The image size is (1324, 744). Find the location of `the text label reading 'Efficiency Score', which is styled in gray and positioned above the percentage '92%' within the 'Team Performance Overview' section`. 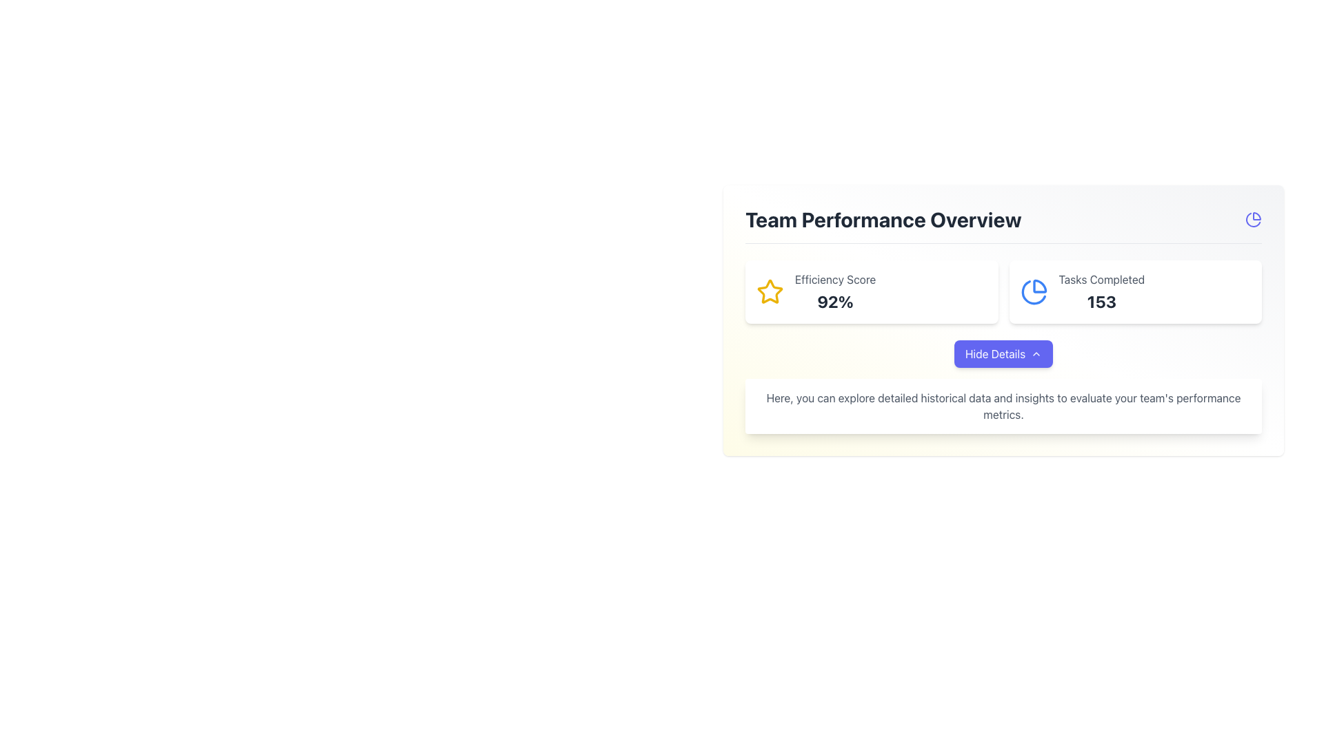

the text label reading 'Efficiency Score', which is styled in gray and positioned above the percentage '92%' within the 'Team Performance Overview' section is located at coordinates (834, 279).